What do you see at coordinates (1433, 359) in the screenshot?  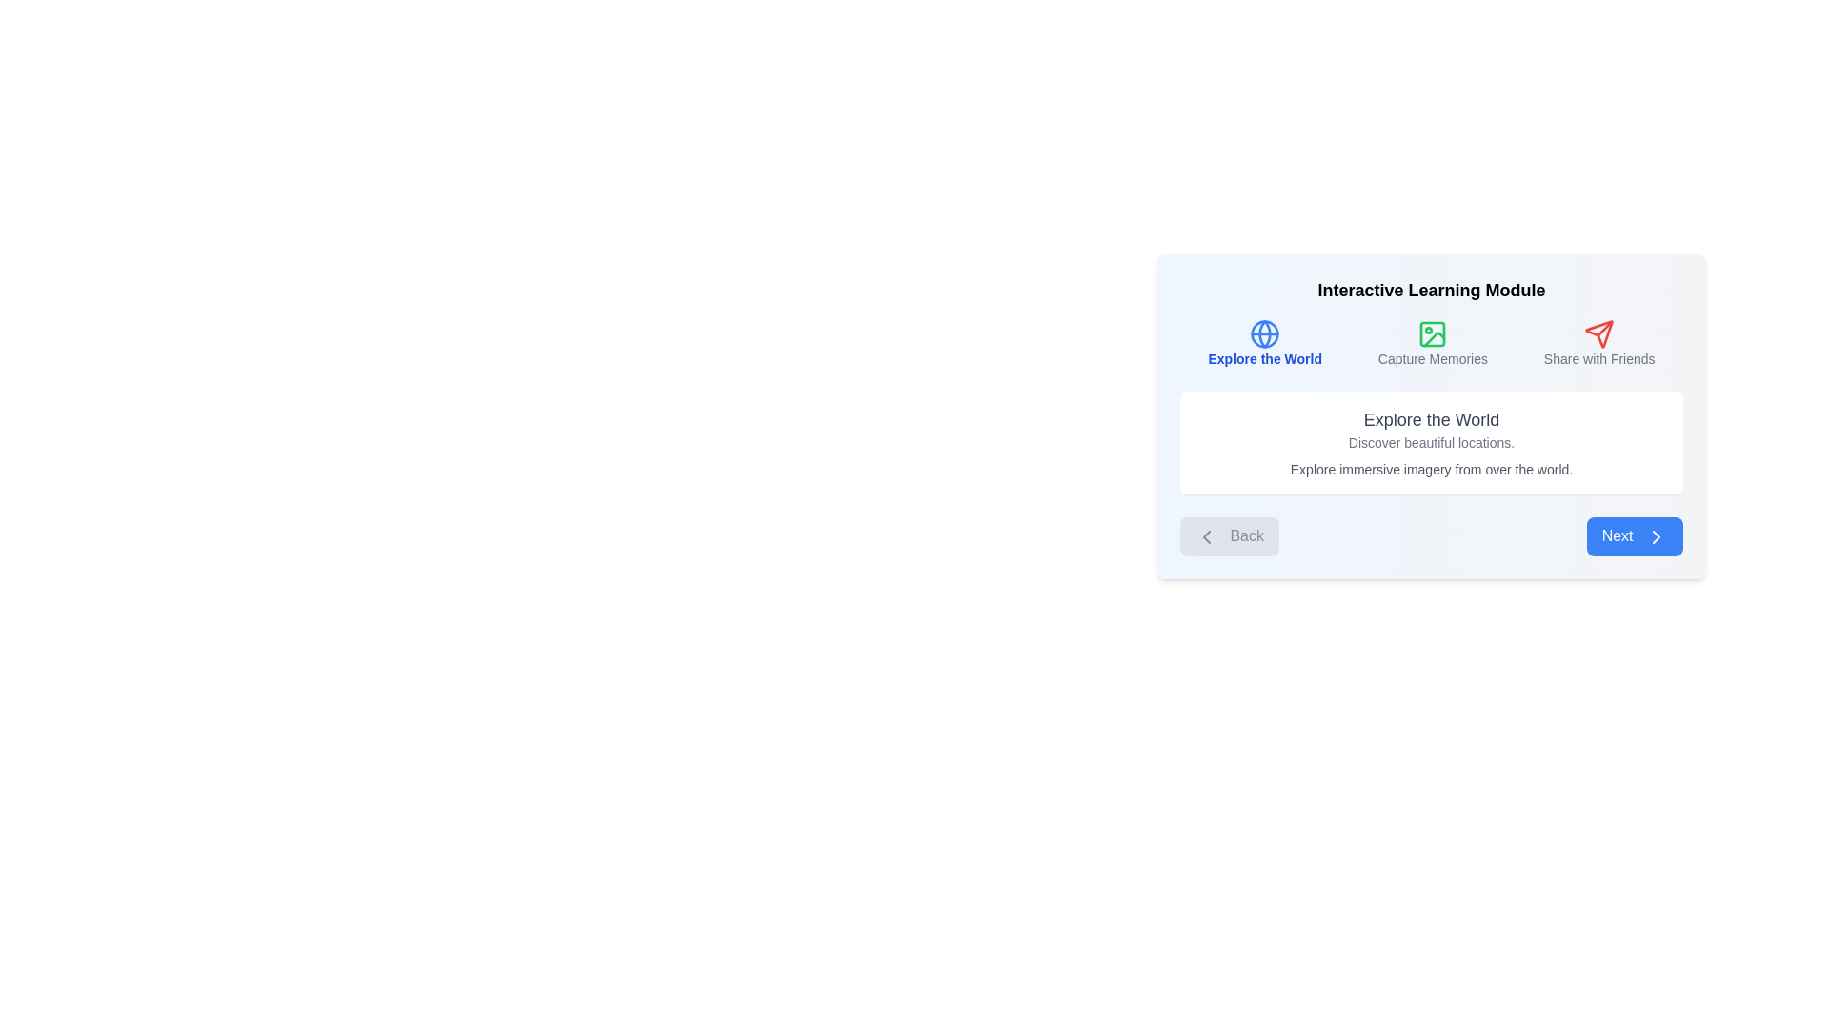 I see `the text label that reads 'Capture Memories', which is a smaller gray font positioned below an image-like icon in a vertically aligned group` at bounding box center [1433, 359].